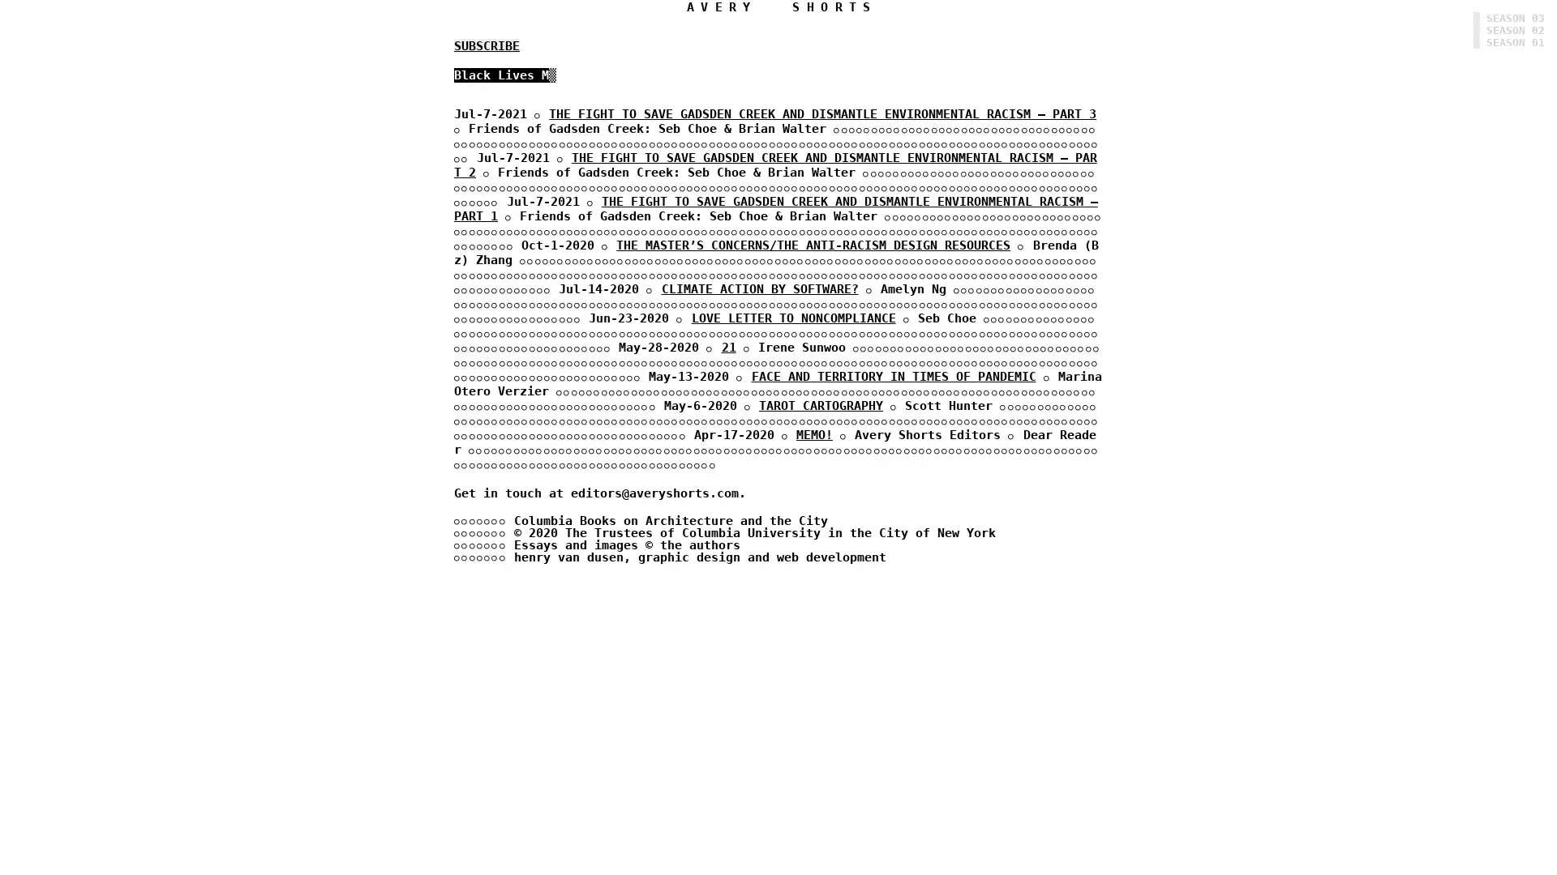 This screenshot has height=875, width=1557. I want to click on SUBSCRIBE, so click(486, 45).